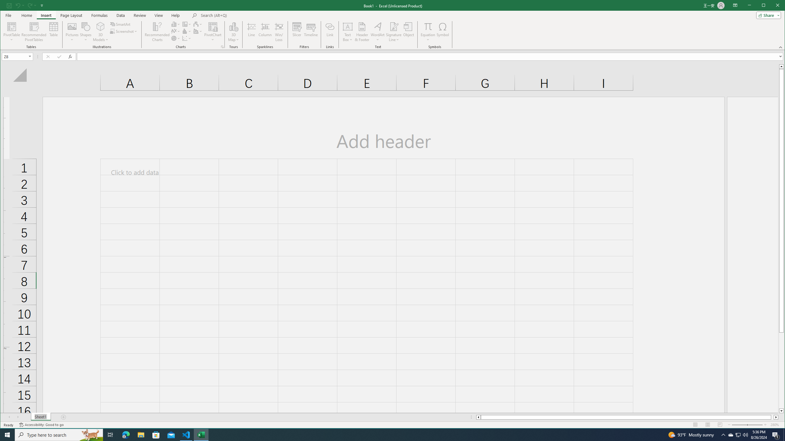 This screenshot has width=785, height=441. I want to click on 'Line', so click(251, 32).